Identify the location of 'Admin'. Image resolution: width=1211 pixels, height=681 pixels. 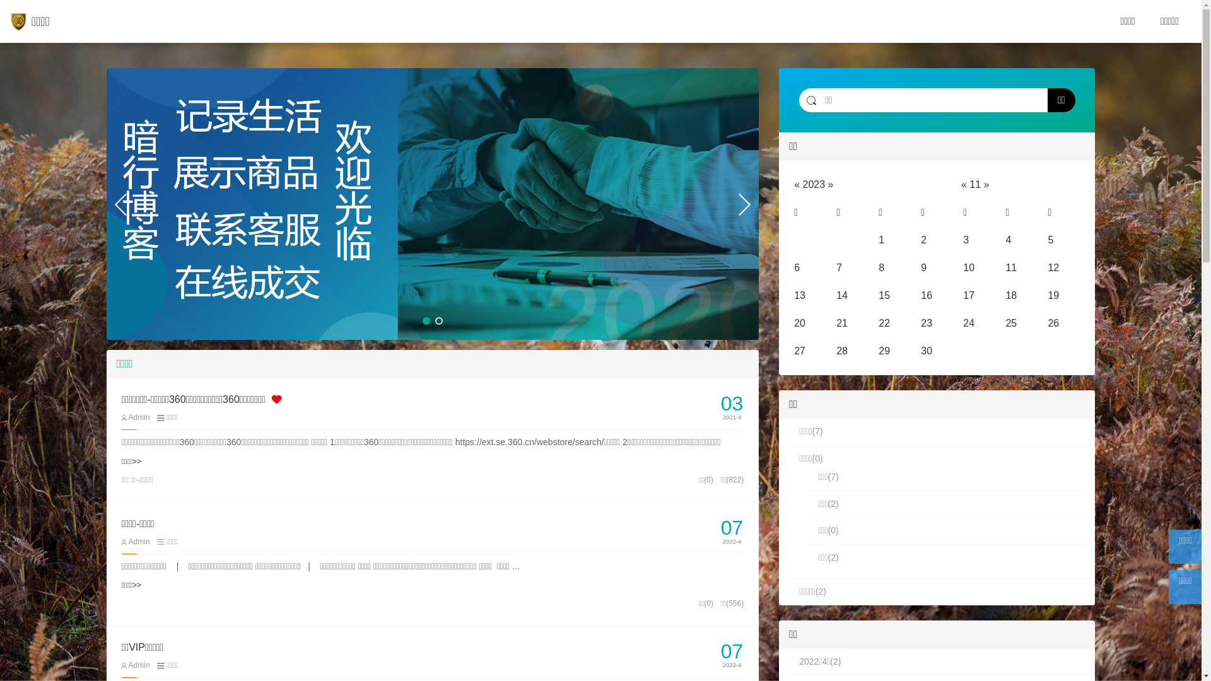
(135, 417).